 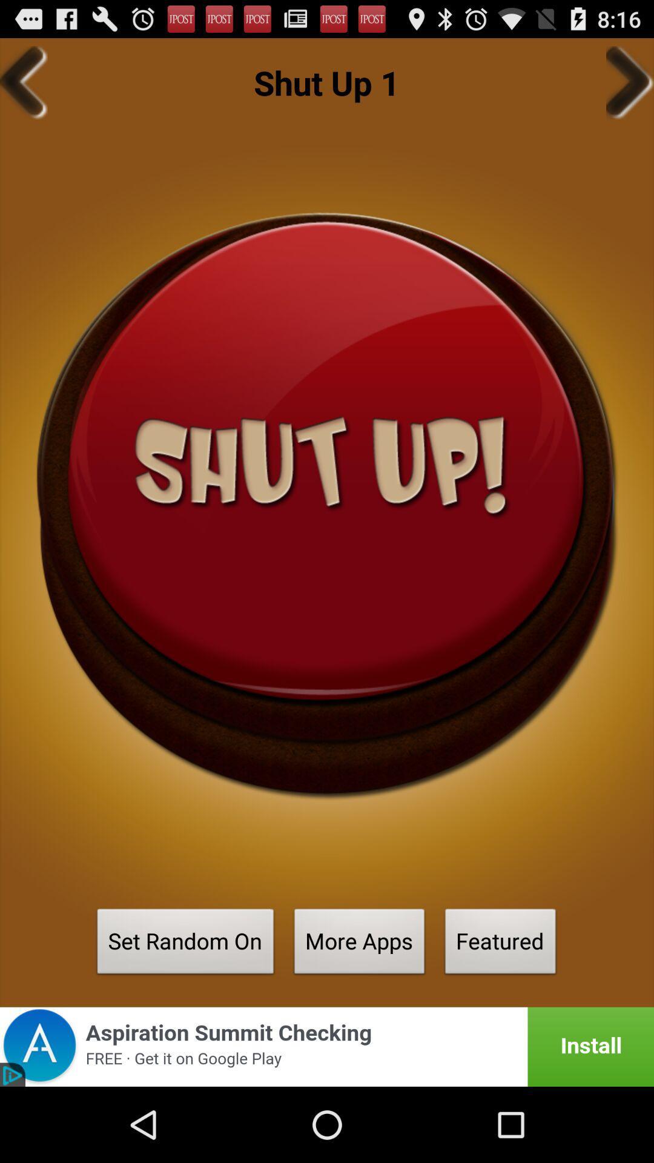 I want to click on go back, so click(x=24, y=82).